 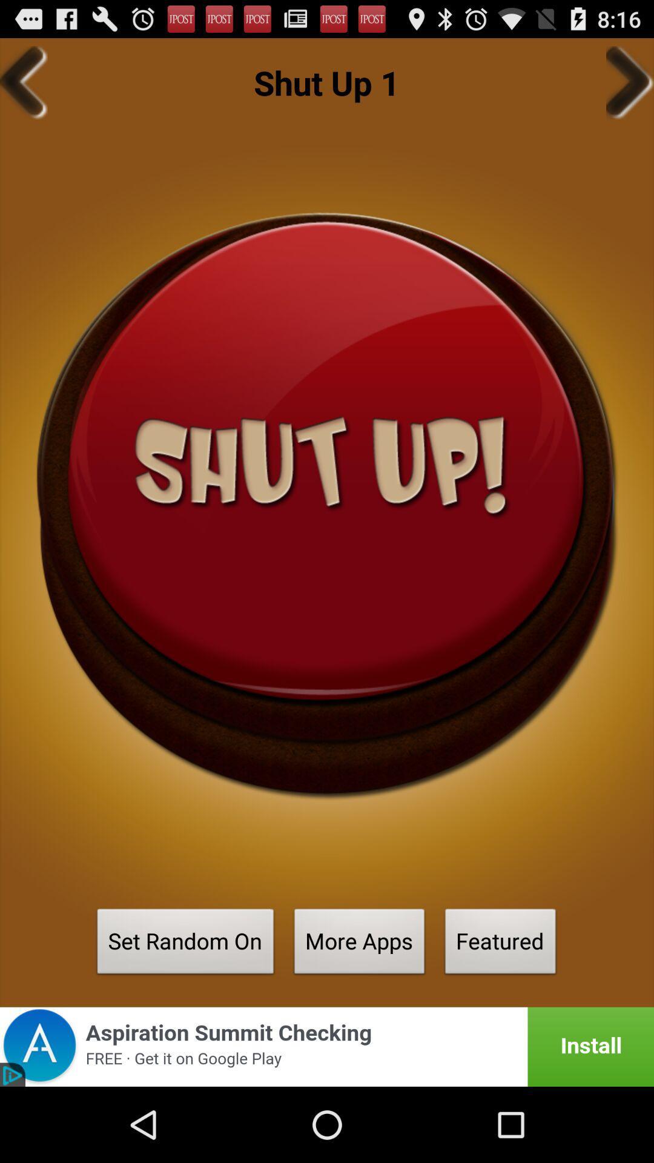 I want to click on go back, so click(x=24, y=82).